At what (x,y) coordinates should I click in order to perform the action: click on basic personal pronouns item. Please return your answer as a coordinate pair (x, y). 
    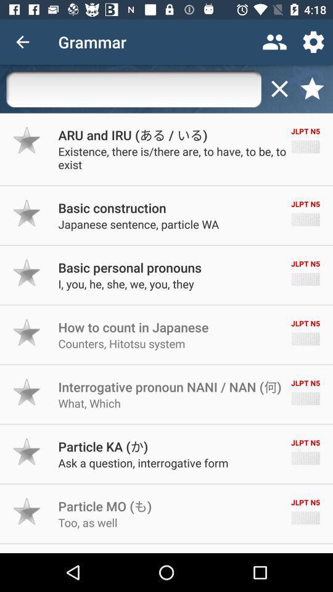
    Looking at the image, I should click on (129, 267).